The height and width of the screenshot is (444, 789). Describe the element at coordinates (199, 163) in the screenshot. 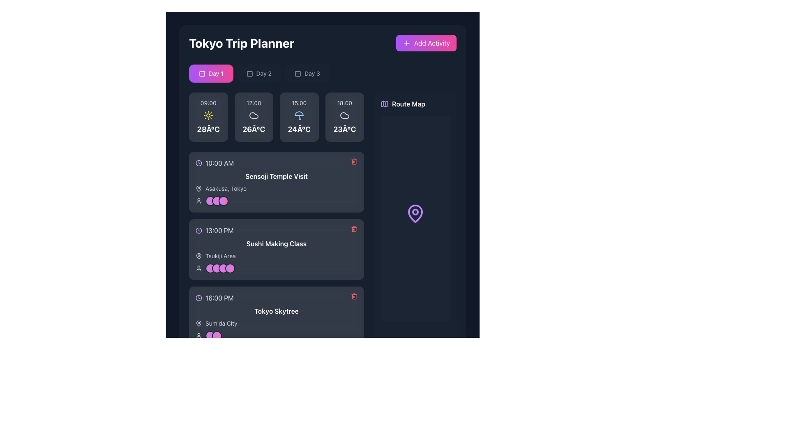

I see `the decorative SVG Circle element of the clock icon indicating the time for 'Sensoji Temple Visit', located to the left of the time label '10:00 AM' in the first itinerary card` at that location.